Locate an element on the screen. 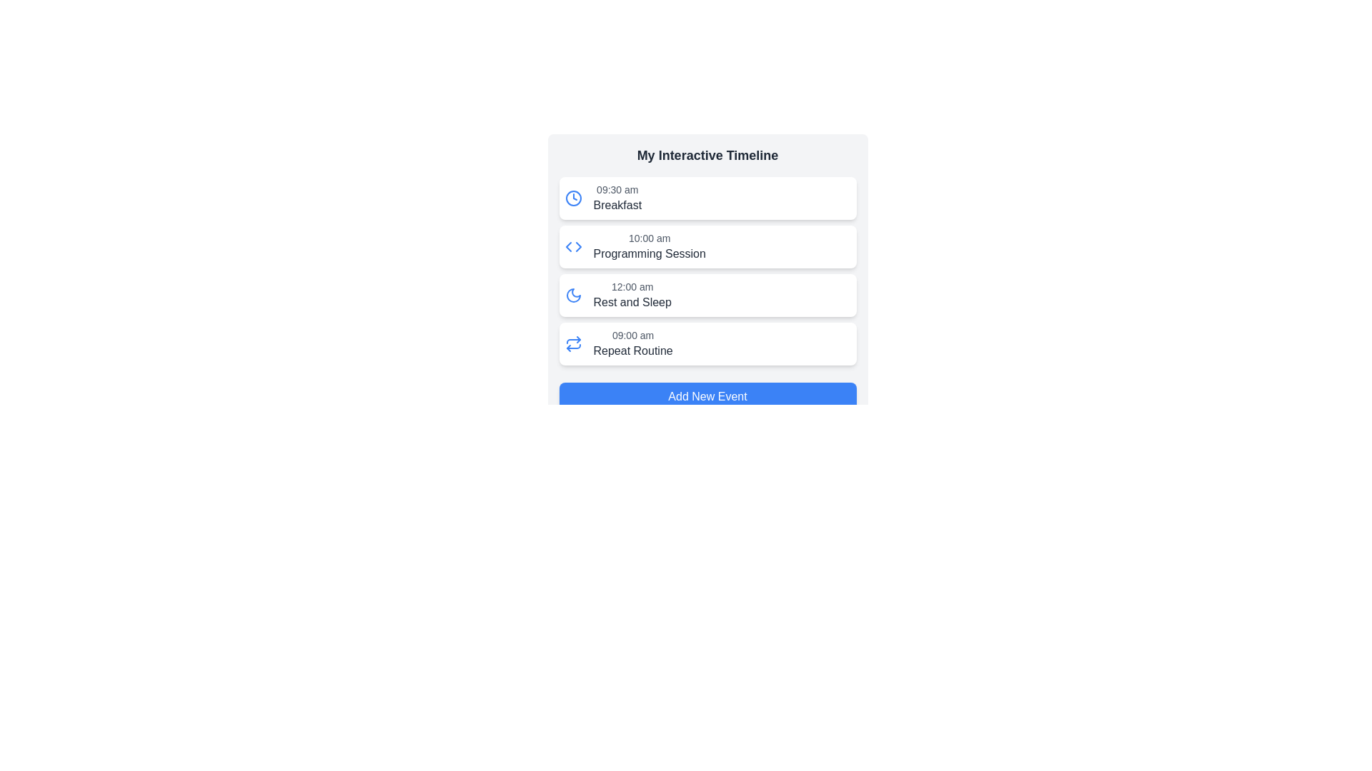 Image resolution: width=1372 pixels, height=771 pixels. the decorative nighttime icon that represents sleep, located to the left of the text '12:00 am Rest and Sleep' is located at coordinates (573, 294).